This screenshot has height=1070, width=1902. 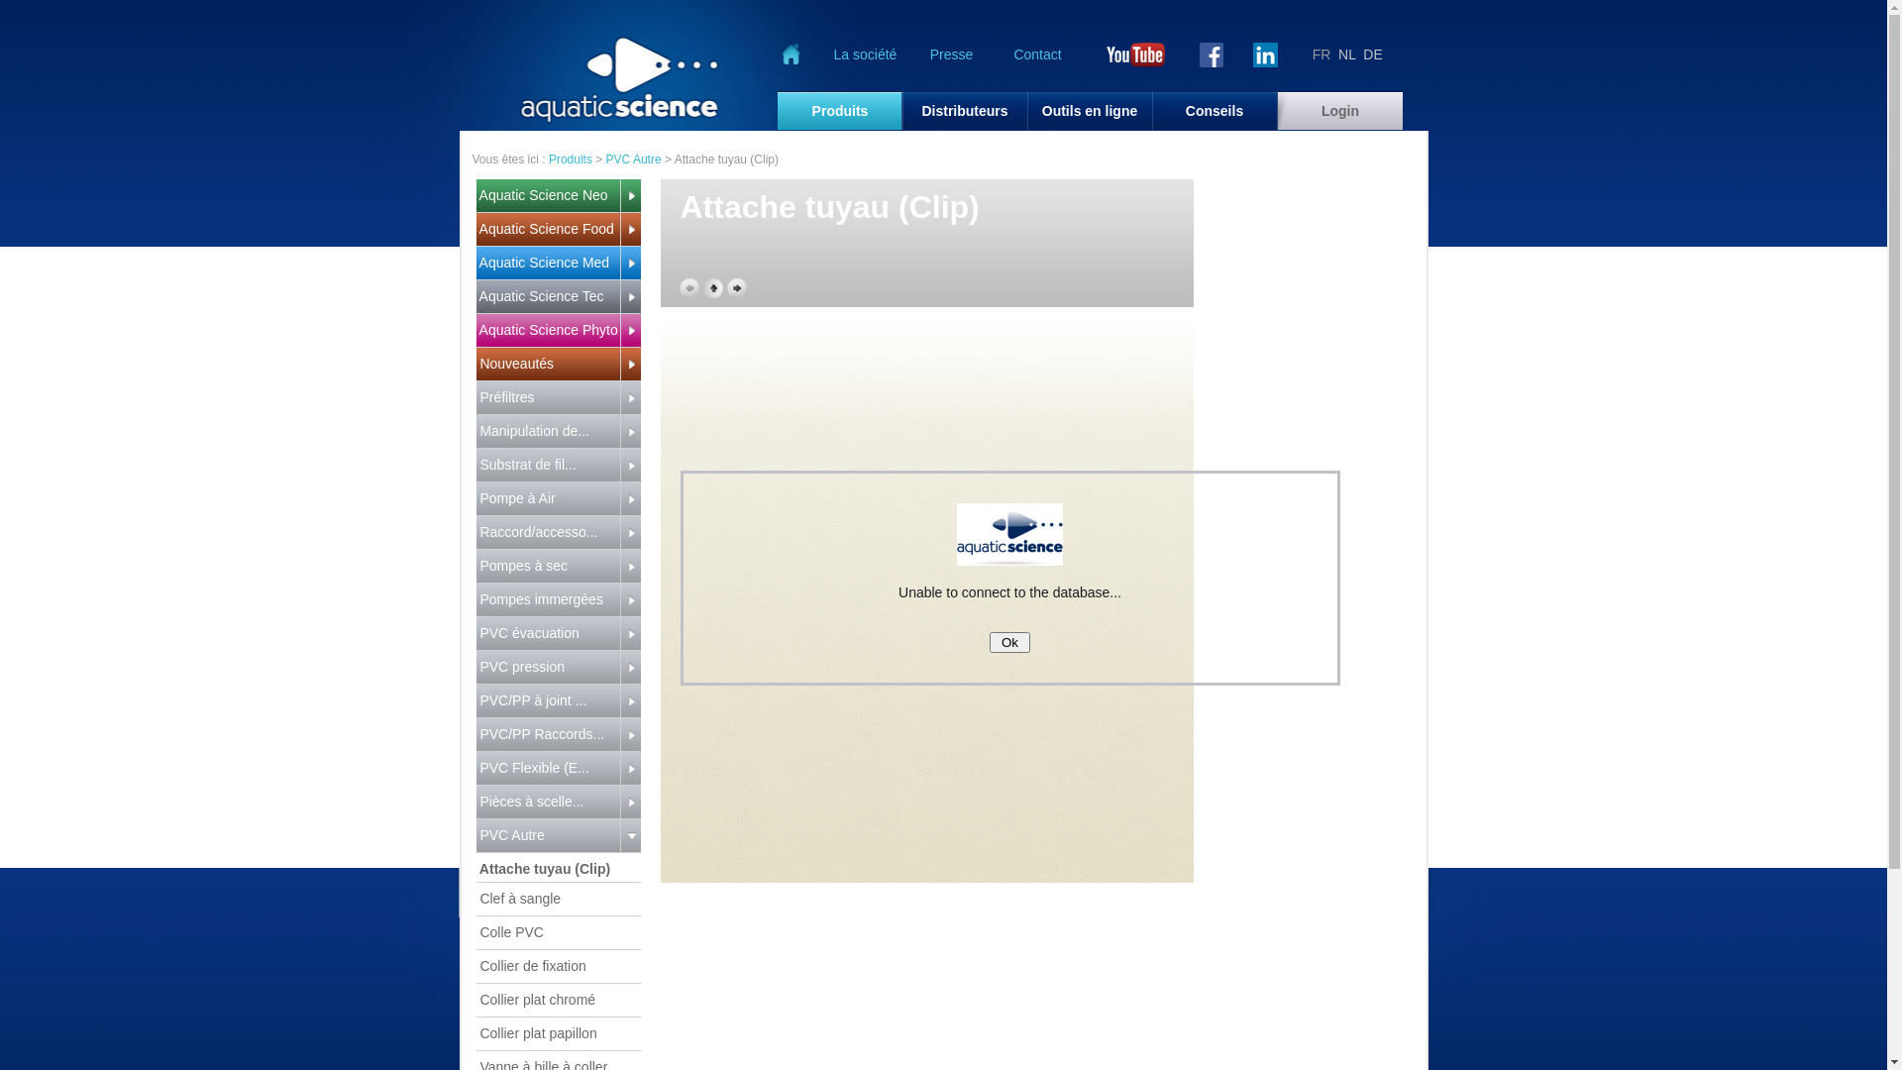 I want to click on 'Contact', so click(x=1036, y=53).